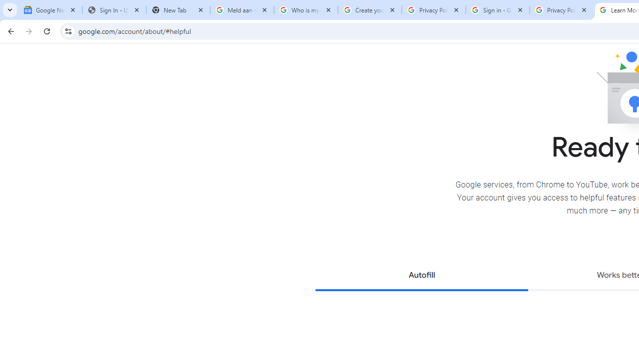 This screenshot has width=639, height=359. What do you see at coordinates (421, 276) in the screenshot?
I see `'Autofill'` at bounding box center [421, 276].